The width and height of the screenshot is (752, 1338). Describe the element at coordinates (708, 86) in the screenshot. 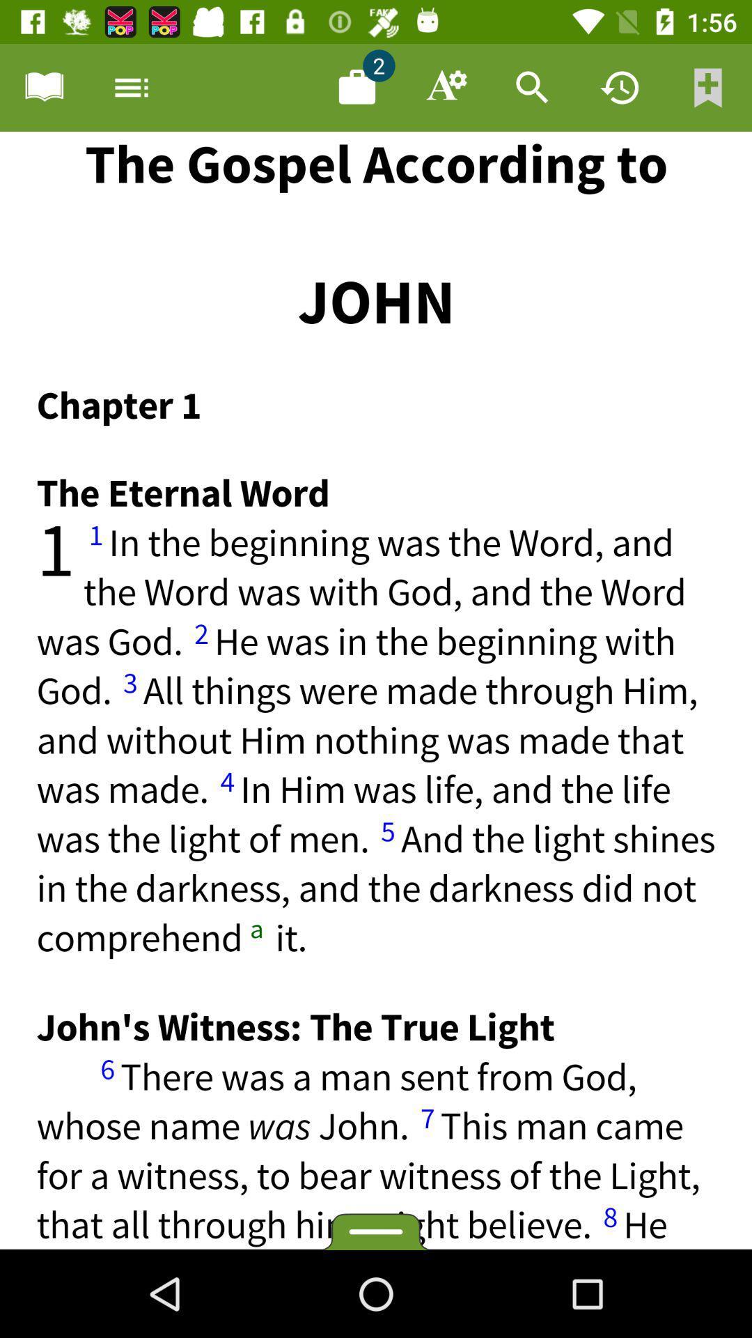

I see `bookmark` at that location.